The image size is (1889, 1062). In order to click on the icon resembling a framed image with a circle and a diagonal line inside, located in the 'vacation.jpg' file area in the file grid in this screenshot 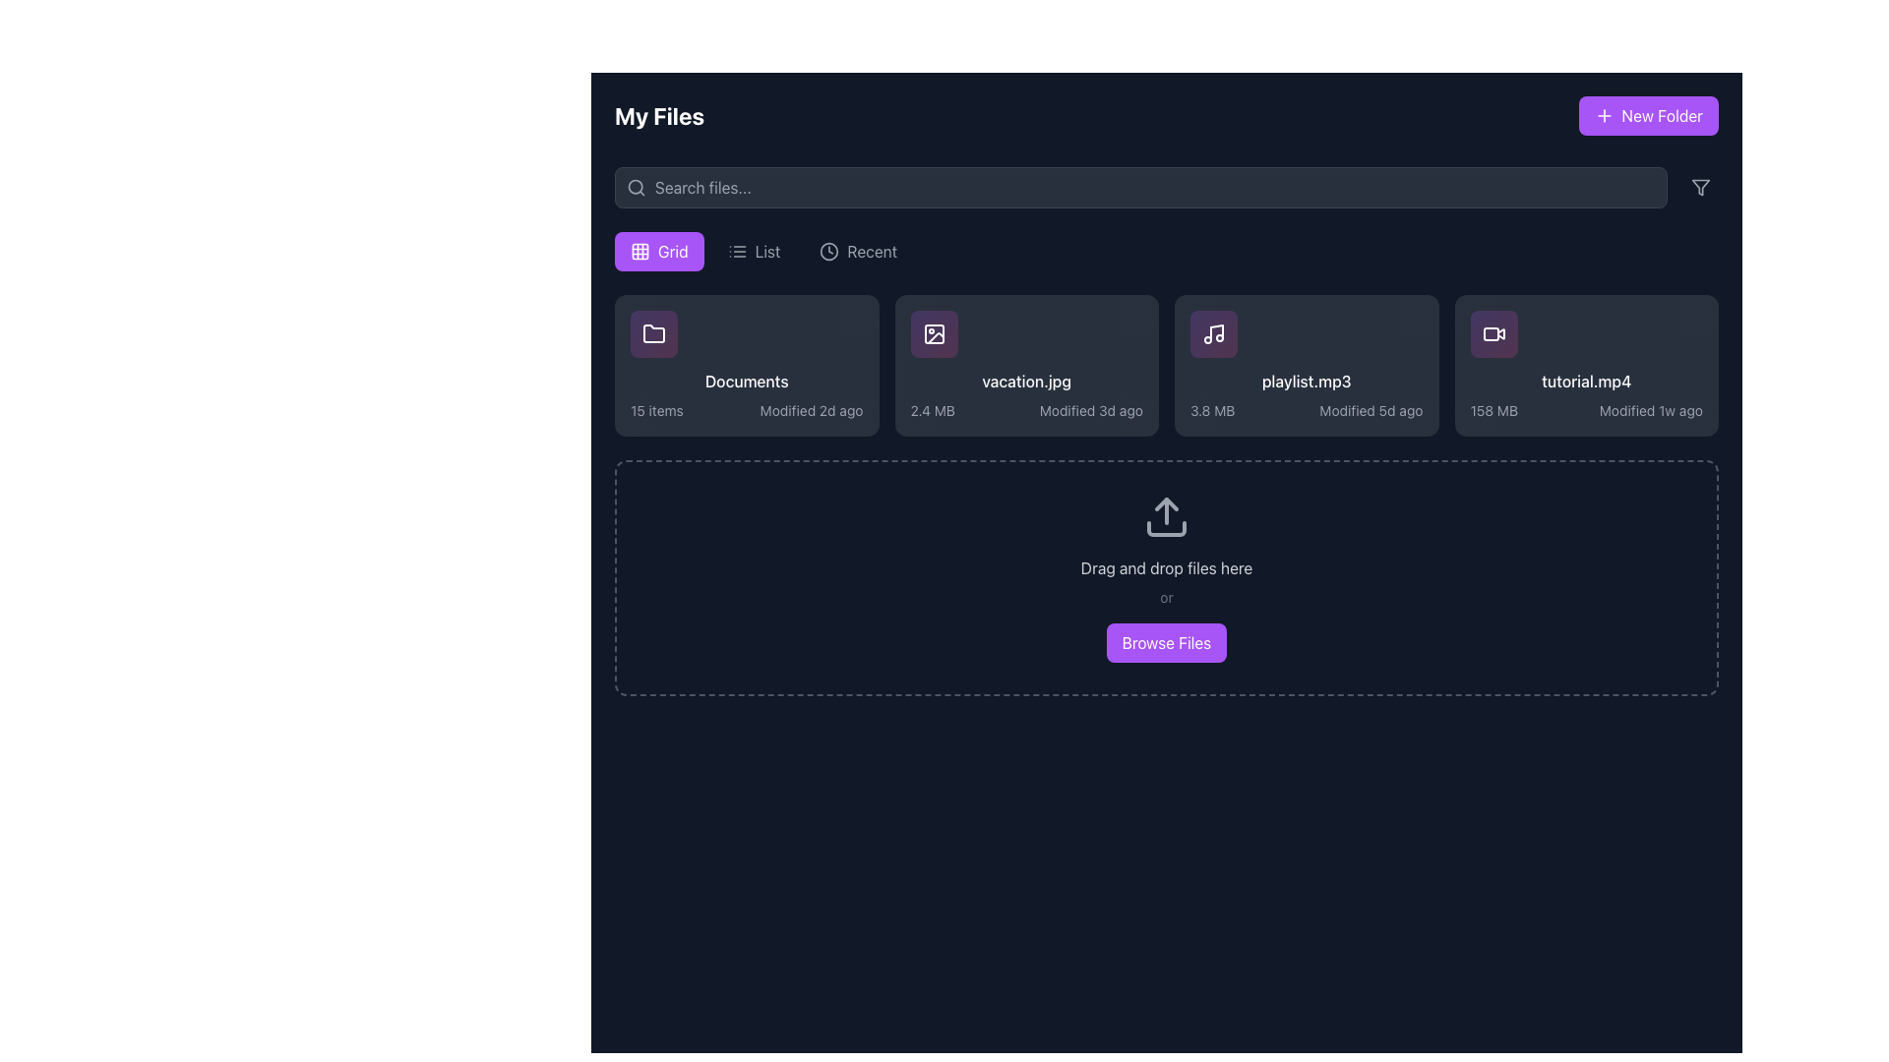, I will do `click(933, 332)`.